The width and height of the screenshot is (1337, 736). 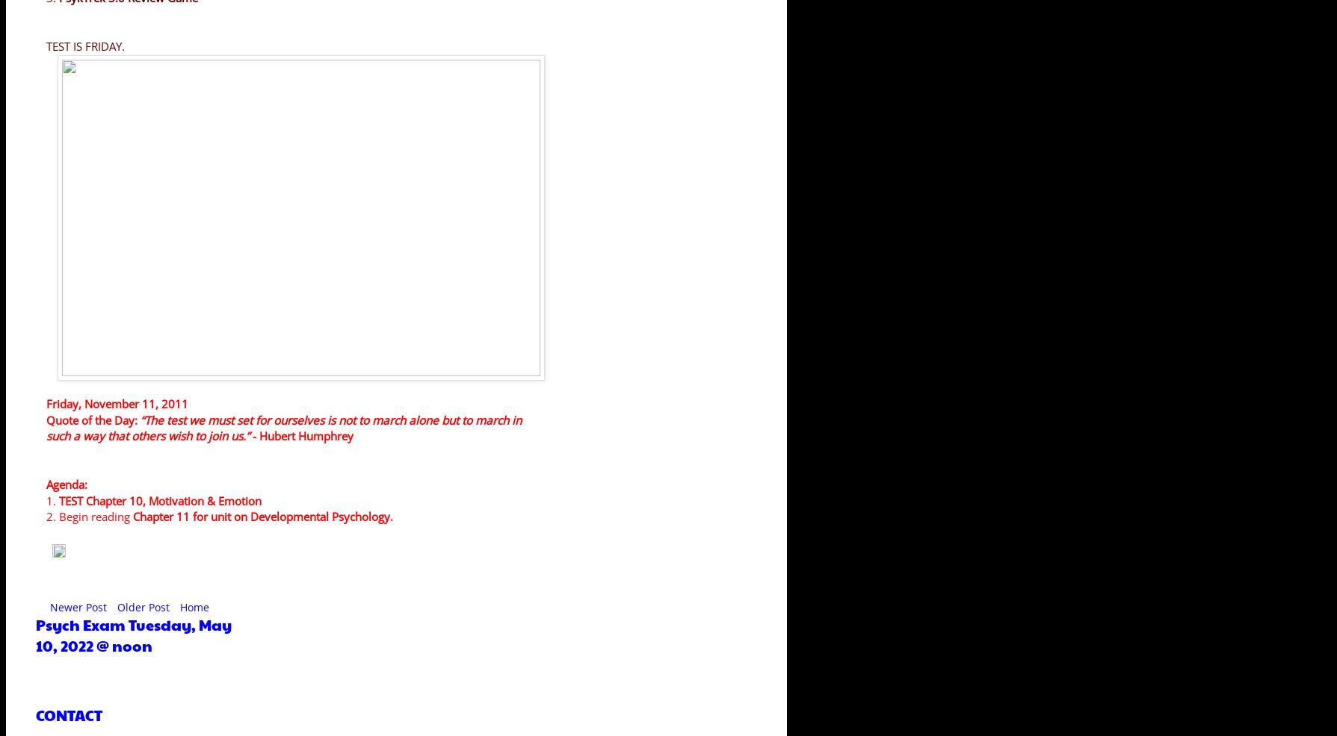 What do you see at coordinates (67, 484) in the screenshot?
I see `'Agenda:'` at bounding box center [67, 484].